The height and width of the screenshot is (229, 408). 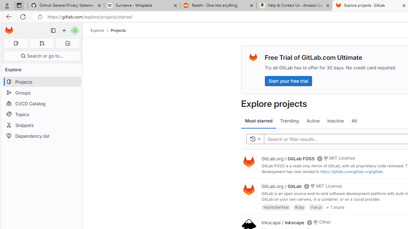 What do you see at coordinates (68, 43) in the screenshot?
I see `'To-Do list 0'` at bounding box center [68, 43].